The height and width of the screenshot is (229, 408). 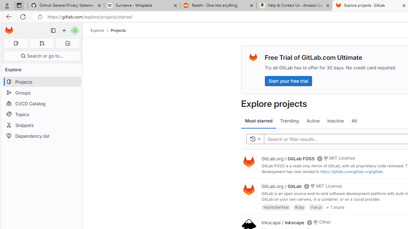 What do you see at coordinates (68, 43) in the screenshot?
I see `'To-Do list 0'` at bounding box center [68, 43].